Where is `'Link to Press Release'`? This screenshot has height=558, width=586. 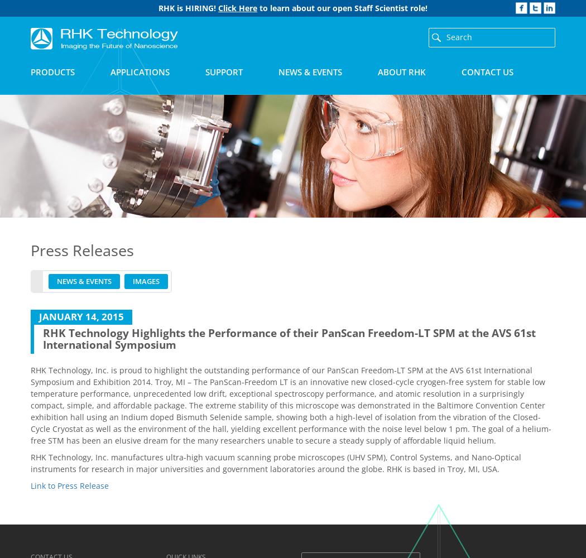
'Link to Press Release' is located at coordinates (69, 484).